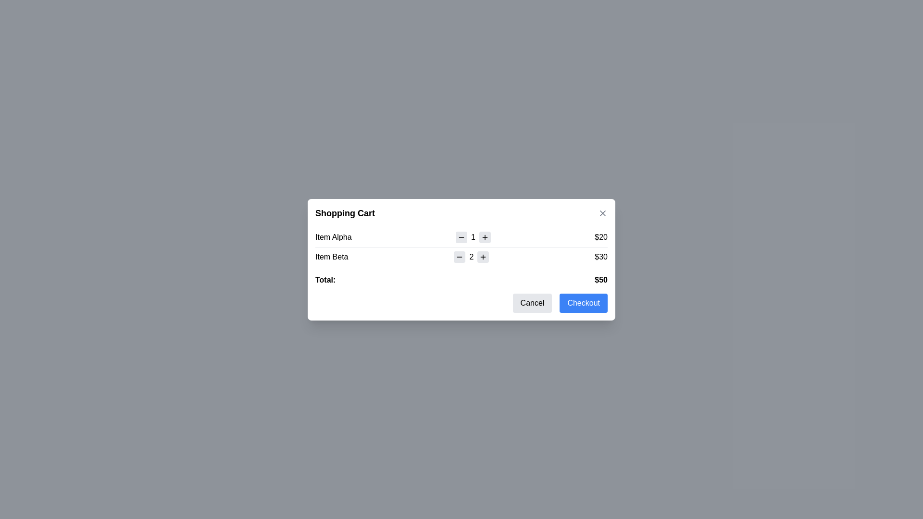 The image size is (923, 519). What do you see at coordinates (459, 256) in the screenshot?
I see `the small square-shaped button with a gray background and a minus symbol, located in the quantity adjustment section for 'Item Beta' in the shopping cart interface` at bounding box center [459, 256].